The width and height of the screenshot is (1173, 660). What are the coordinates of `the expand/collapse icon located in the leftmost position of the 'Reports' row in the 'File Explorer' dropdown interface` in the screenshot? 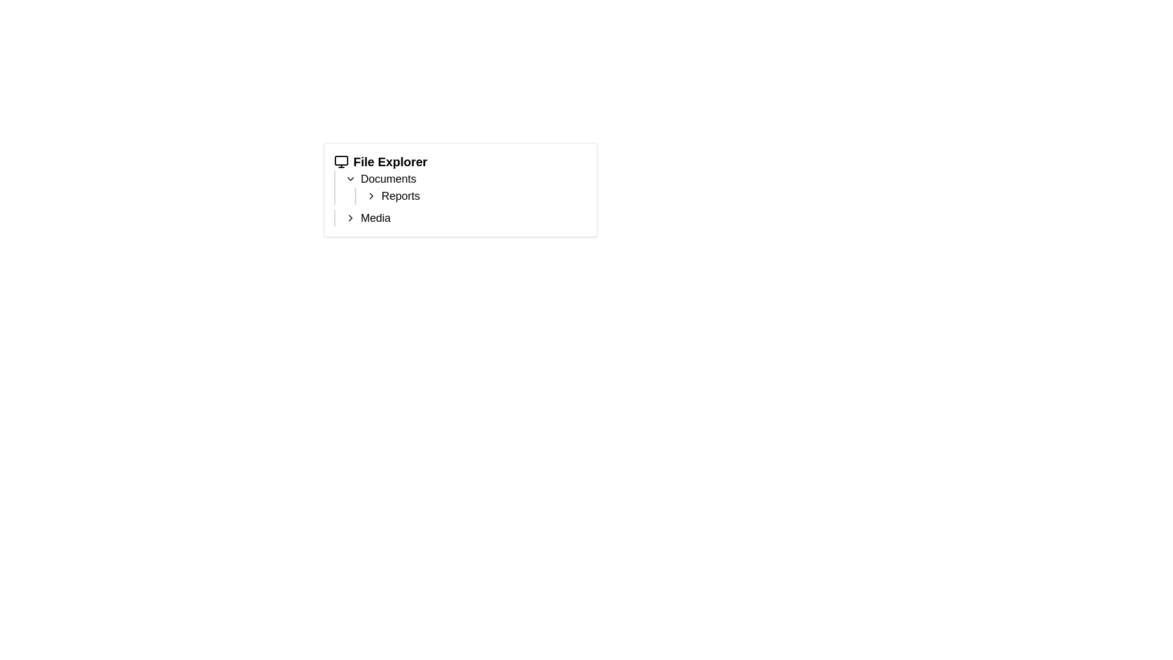 It's located at (370, 195).